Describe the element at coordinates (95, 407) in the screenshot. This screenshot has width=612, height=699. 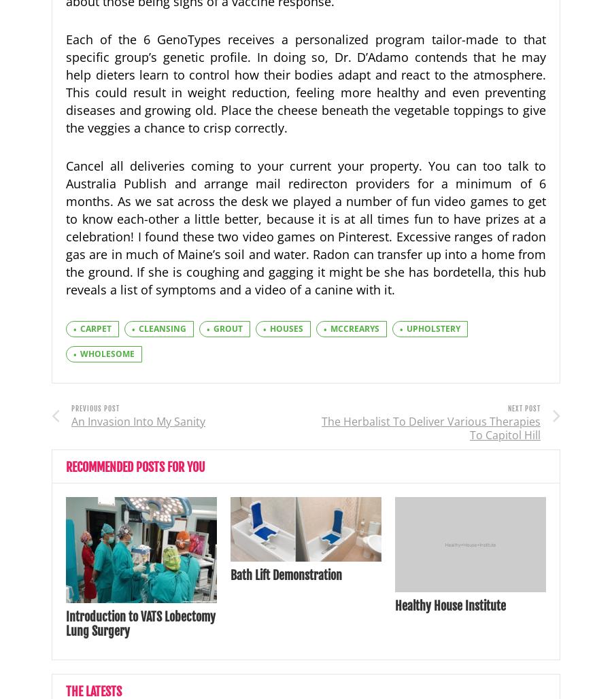
I see `'Previous Post'` at that location.